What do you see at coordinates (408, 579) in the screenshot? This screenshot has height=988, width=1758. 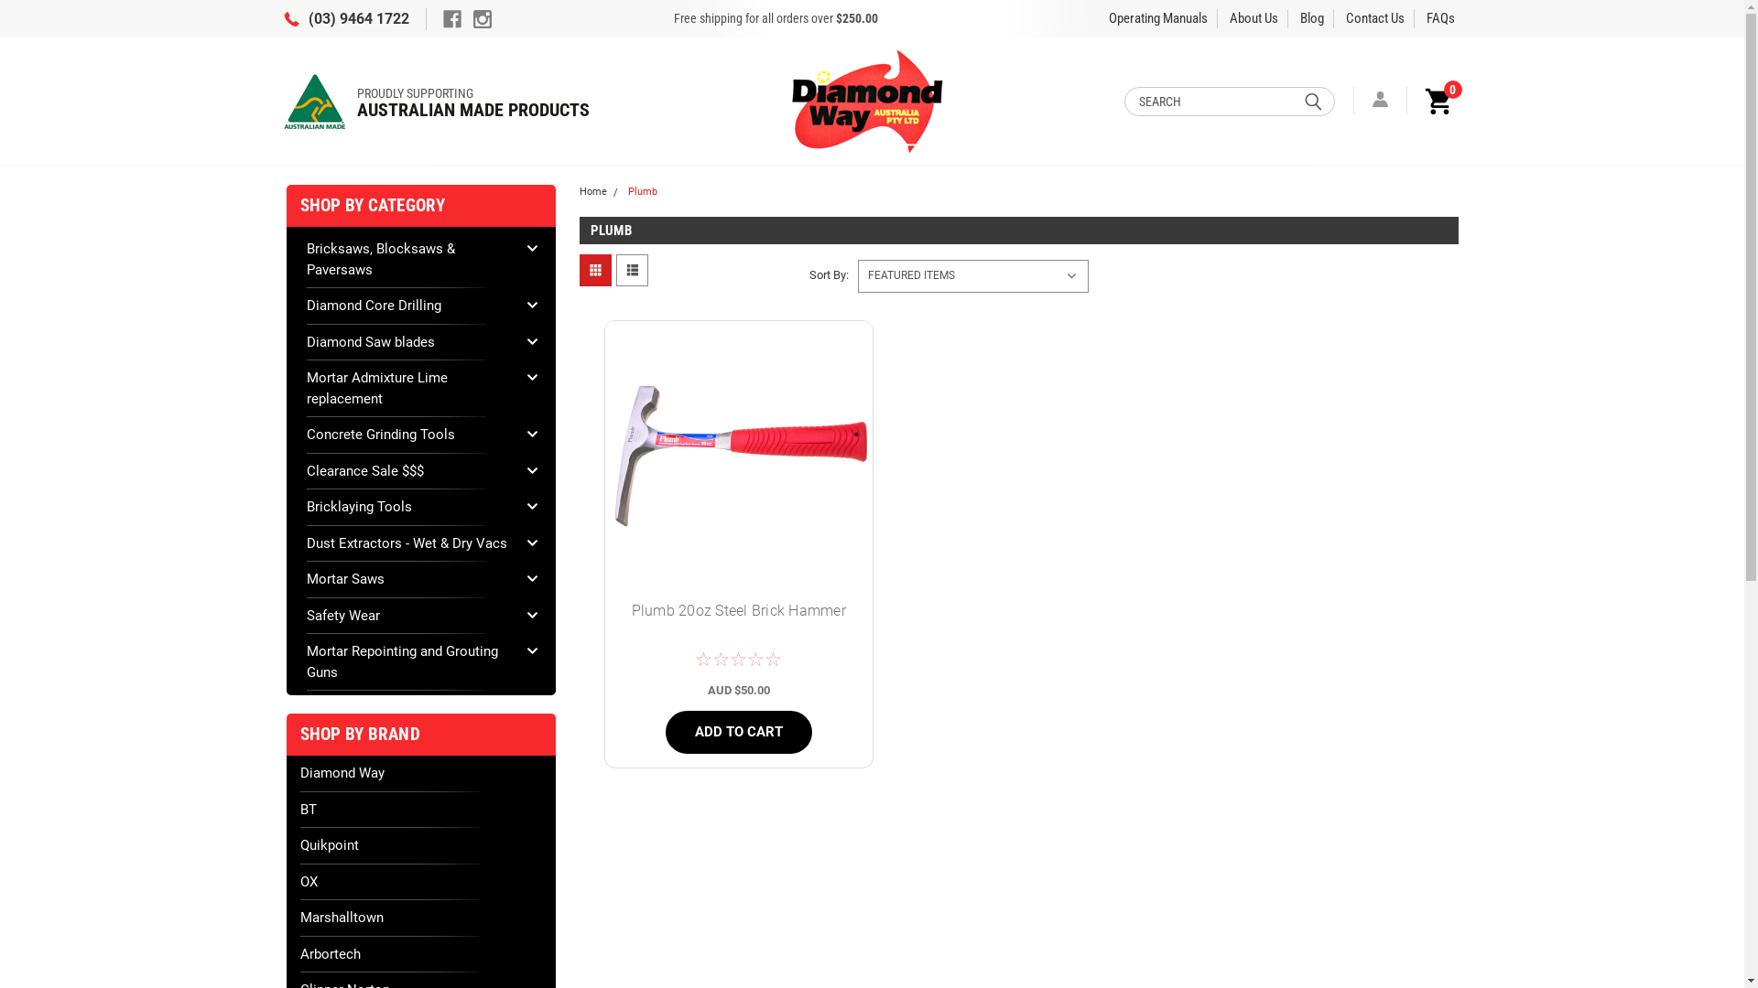 I see `'Mortar Saws'` at bounding box center [408, 579].